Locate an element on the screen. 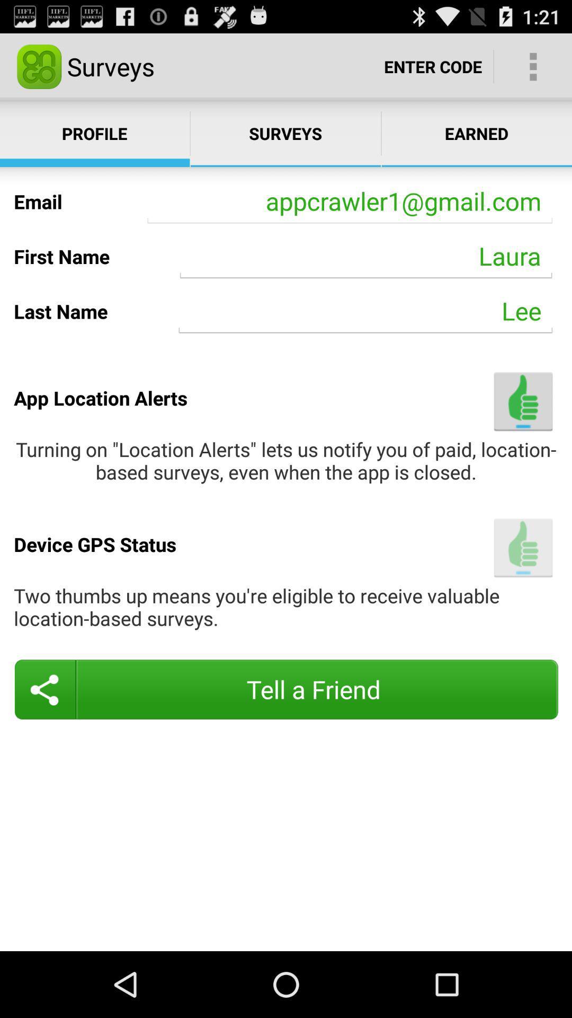 This screenshot has height=1018, width=572. the icon to the right of device gps status is located at coordinates (523, 548).